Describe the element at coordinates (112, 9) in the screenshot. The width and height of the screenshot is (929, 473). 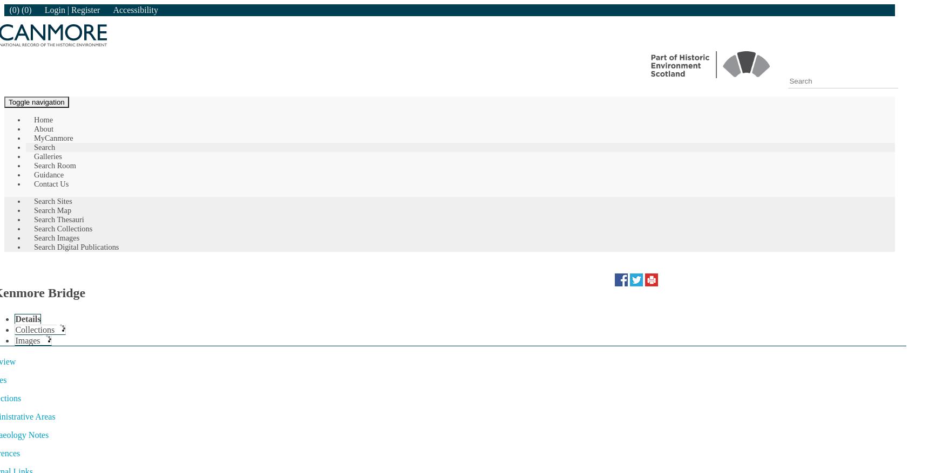
I see `'Accessibility'` at that location.